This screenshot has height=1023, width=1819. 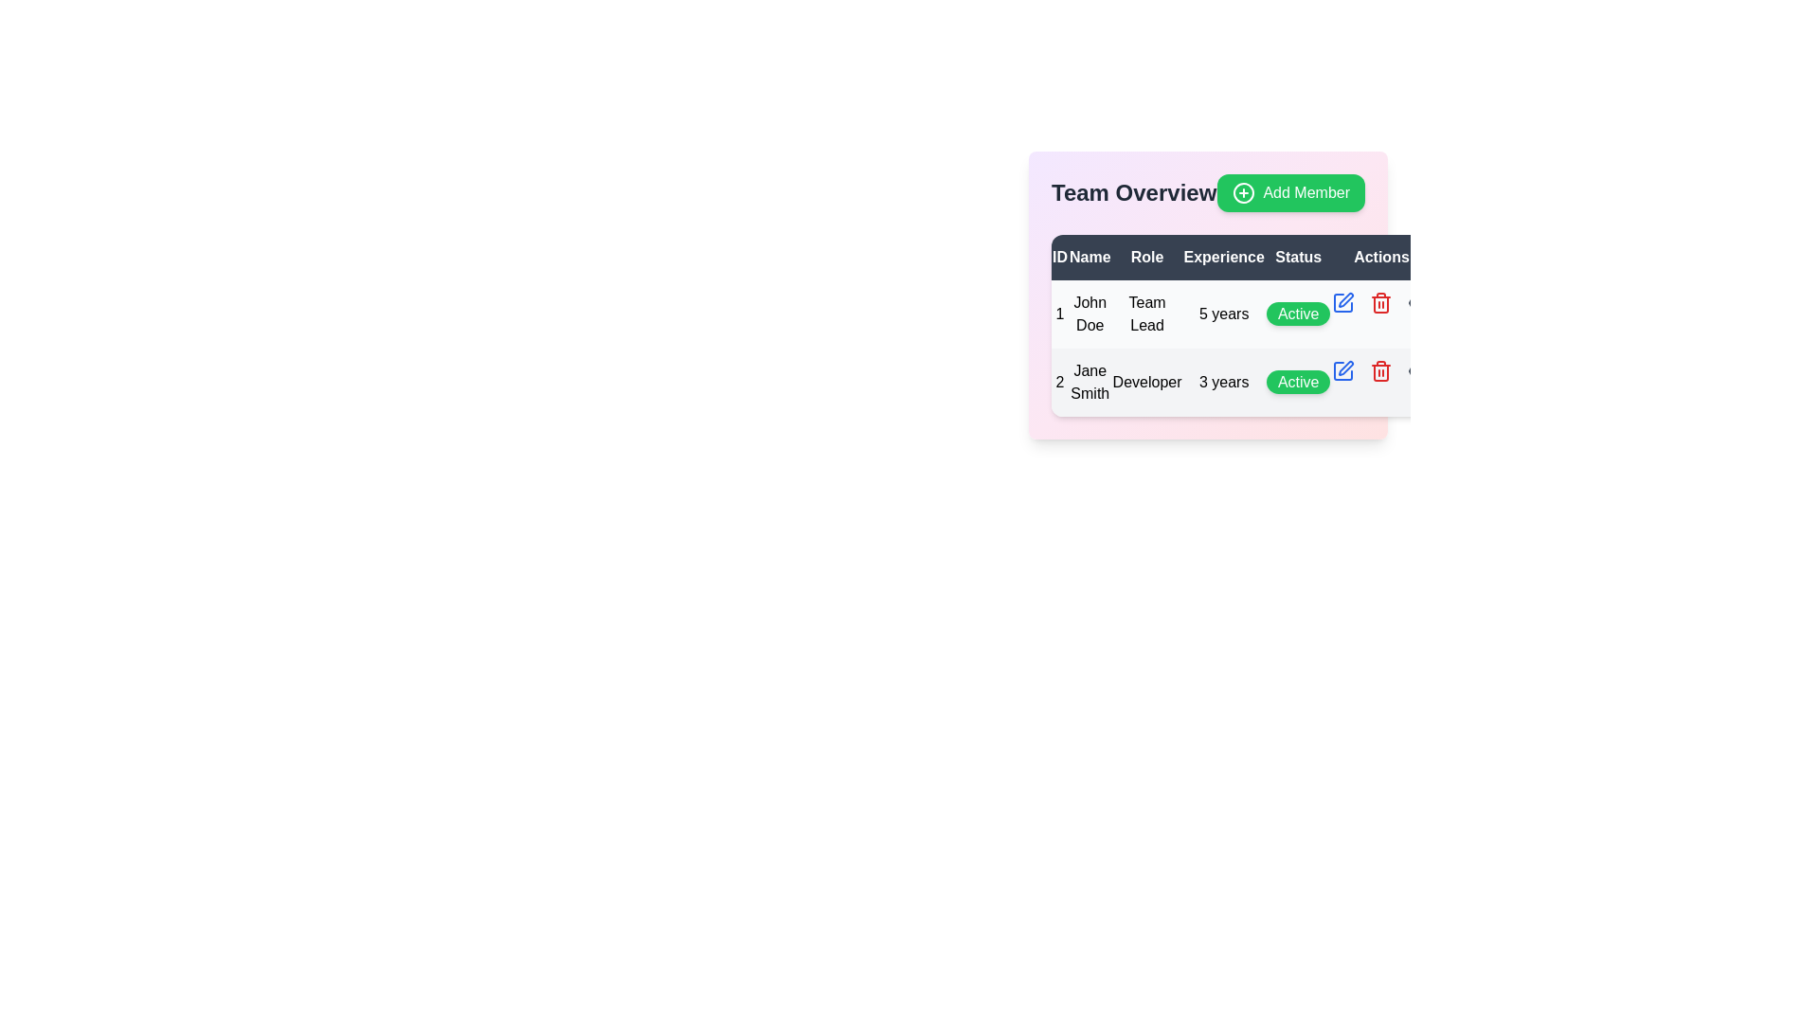 What do you see at coordinates (1297, 383) in the screenshot?
I see `the 'Active' status label in the Status column of the second row for 'Jane Smith', the Developer` at bounding box center [1297, 383].